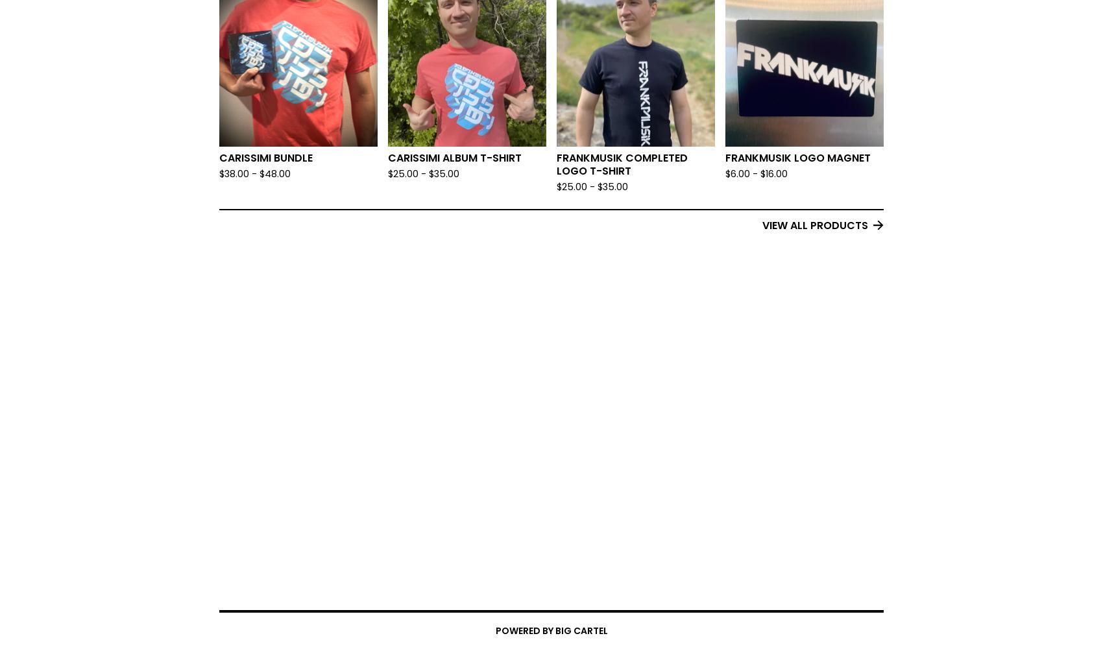 The height and width of the screenshot is (649, 1103). What do you see at coordinates (797, 157) in the screenshot?
I see `'Frankmusik Logo Magnet'` at bounding box center [797, 157].